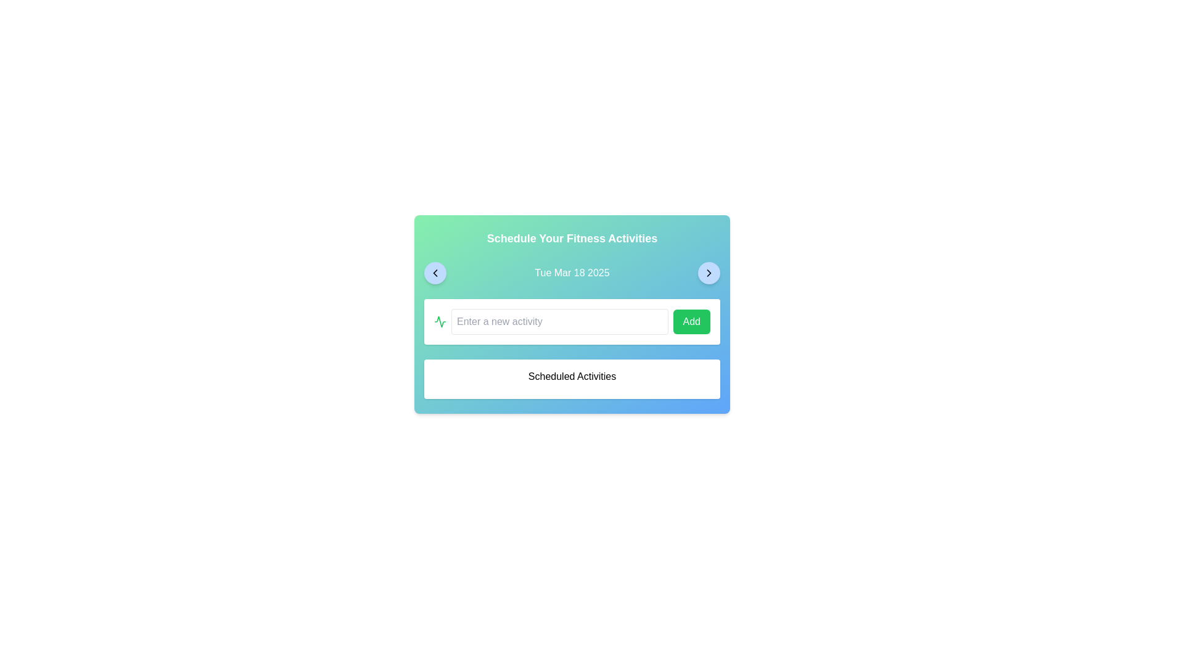  I want to click on the green 'Add' button with rounded corners, so click(691, 321).